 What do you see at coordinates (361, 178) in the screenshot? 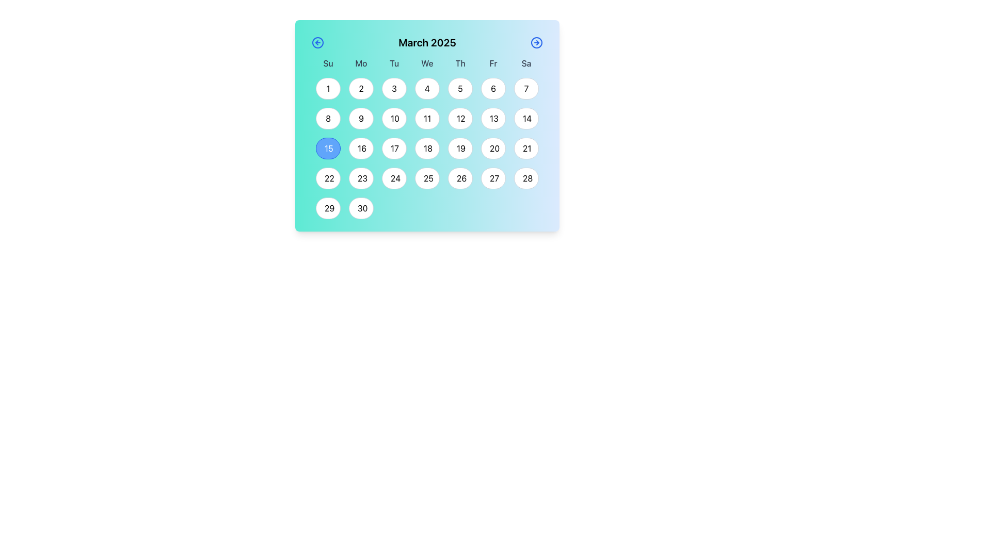
I see `the calendar date button representing '23' (Tuesday) to change its appearance` at bounding box center [361, 178].